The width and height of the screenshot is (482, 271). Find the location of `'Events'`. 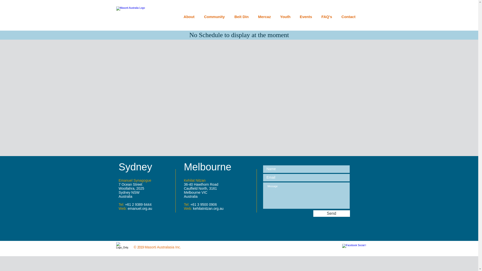

'Events' is located at coordinates (295, 16).